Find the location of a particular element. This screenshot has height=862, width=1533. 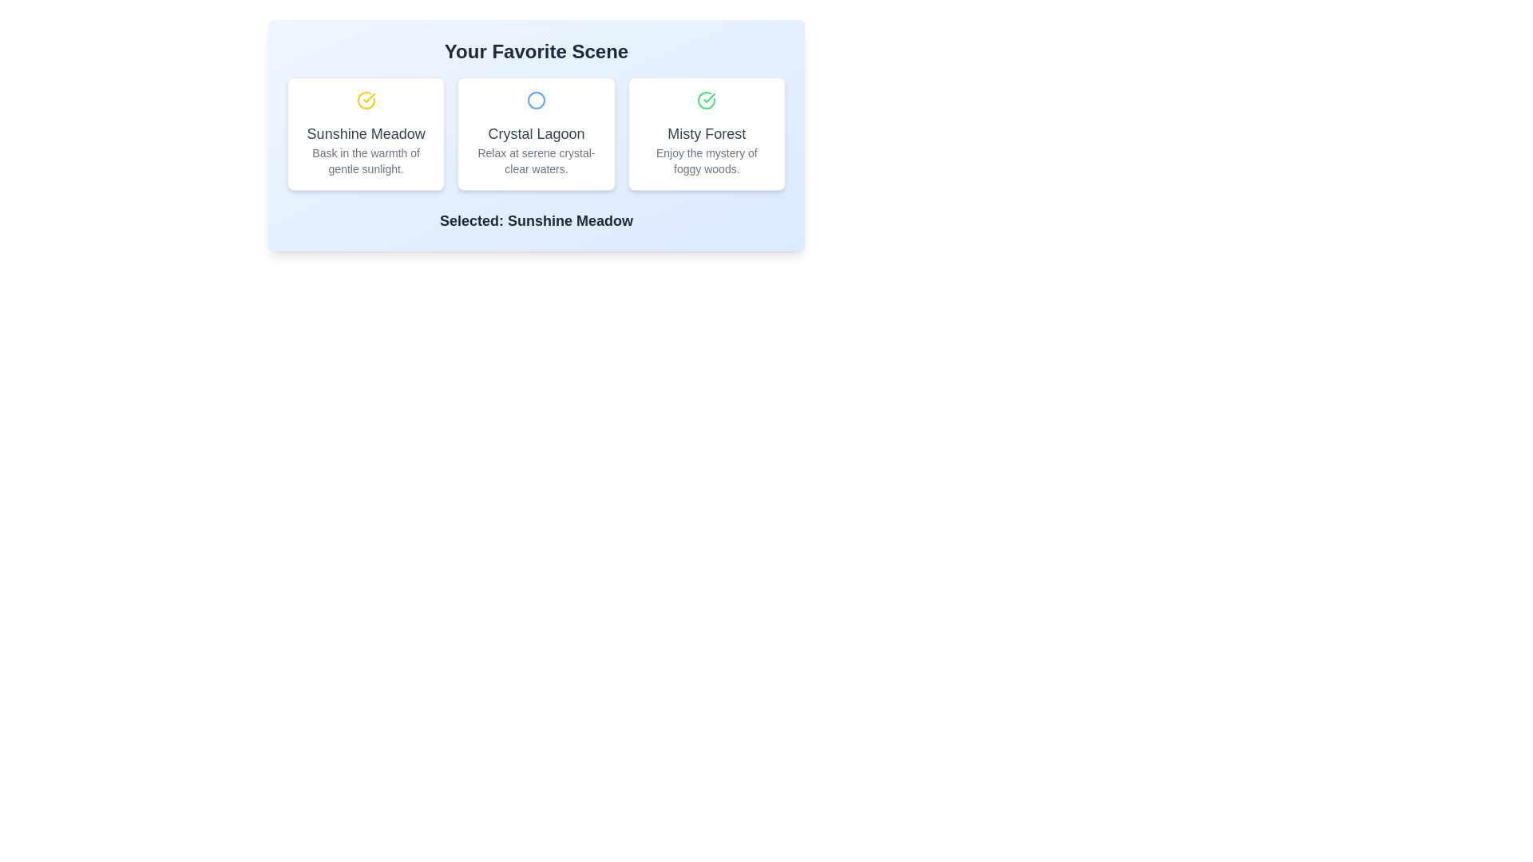

the title text inside the first card of the 'Your Favorite Scene' section, which is located above the description 'Bask in the warmth of gentle sunlight.' is located at coordinates (365, 133).